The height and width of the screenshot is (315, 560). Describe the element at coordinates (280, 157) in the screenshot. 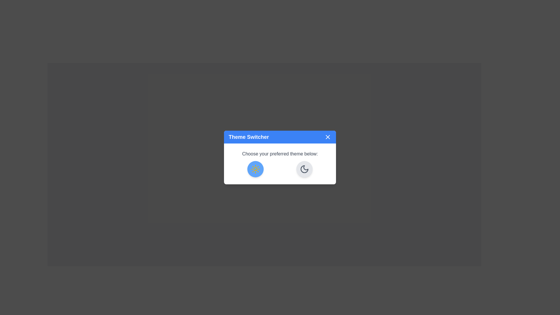

I see `the light theme button in the modal dialog` at that location.